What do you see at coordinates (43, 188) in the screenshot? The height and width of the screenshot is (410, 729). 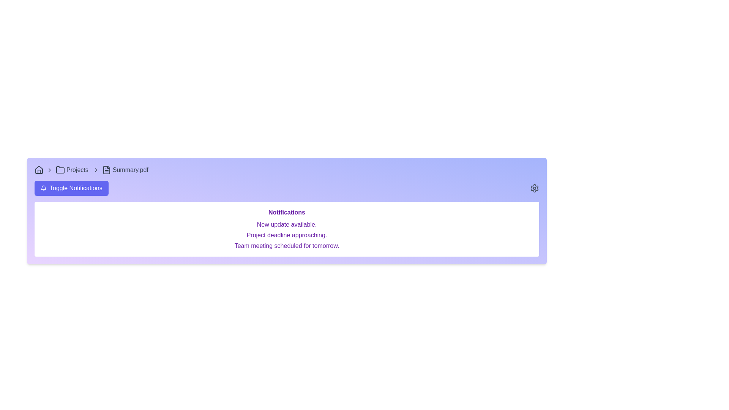 I see `the bell-shaped notification icon, which serves as a visual indicator for alerts or new messages, located within a 24x24 SVG canvas` at bounding box center [43, 188].